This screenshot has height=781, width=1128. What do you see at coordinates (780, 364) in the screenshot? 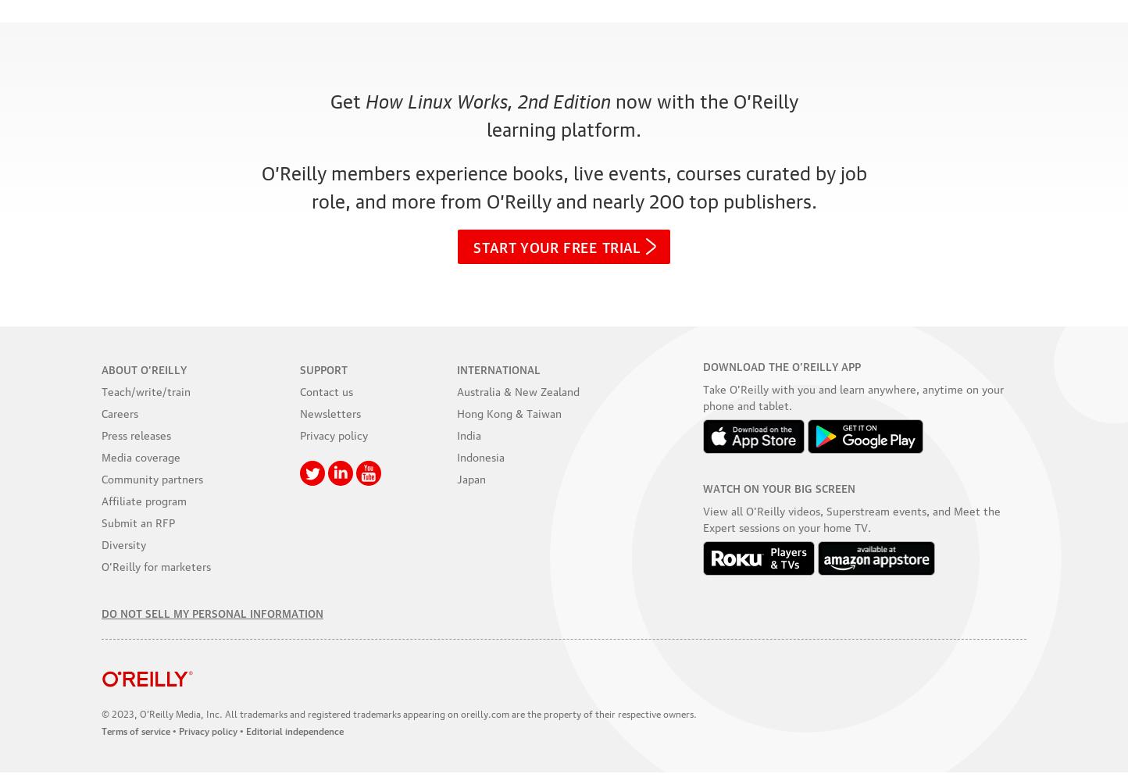
I see `'Download the O’Reilly App'` at bounding box center [780, 364].